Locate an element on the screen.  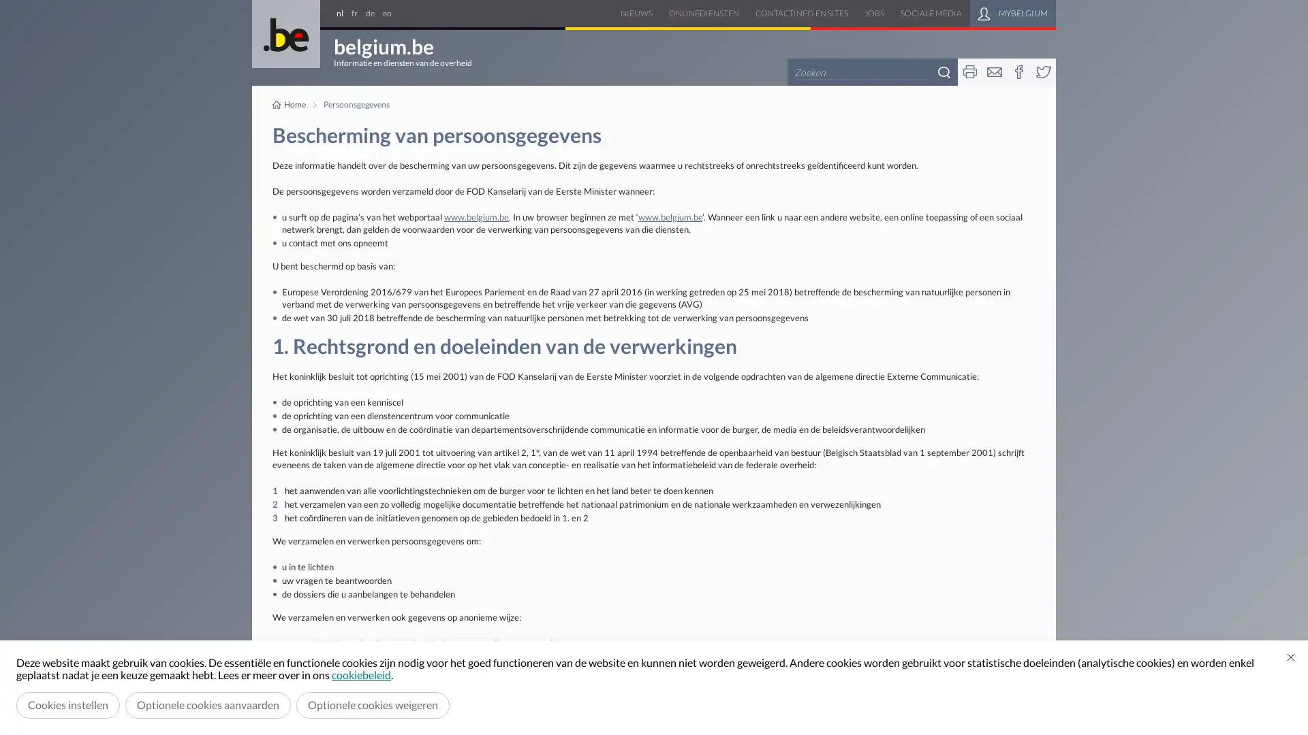
Sluiten is located at coordinates (1290, 656).